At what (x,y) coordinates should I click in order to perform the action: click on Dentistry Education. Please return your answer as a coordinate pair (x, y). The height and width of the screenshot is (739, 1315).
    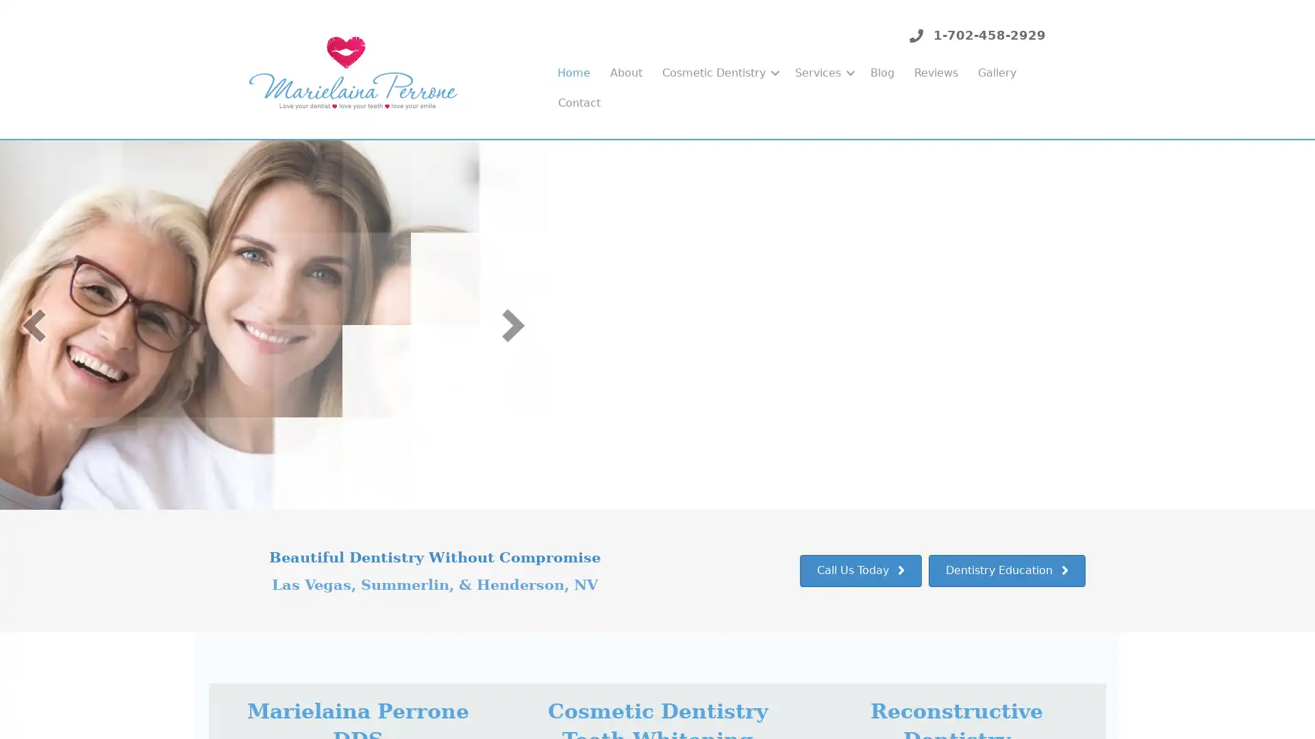
    Looking at the image, I should click on (1007, 571).